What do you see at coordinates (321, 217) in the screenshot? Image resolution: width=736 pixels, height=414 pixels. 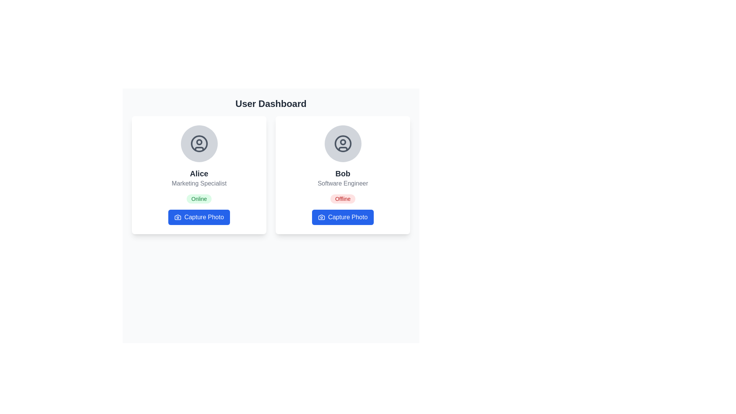 I see `the camera icon within the 'Capture Photo' button, which is located on the right side of the 'Bob Software Engineer' card` at bounding box center [321, 217].